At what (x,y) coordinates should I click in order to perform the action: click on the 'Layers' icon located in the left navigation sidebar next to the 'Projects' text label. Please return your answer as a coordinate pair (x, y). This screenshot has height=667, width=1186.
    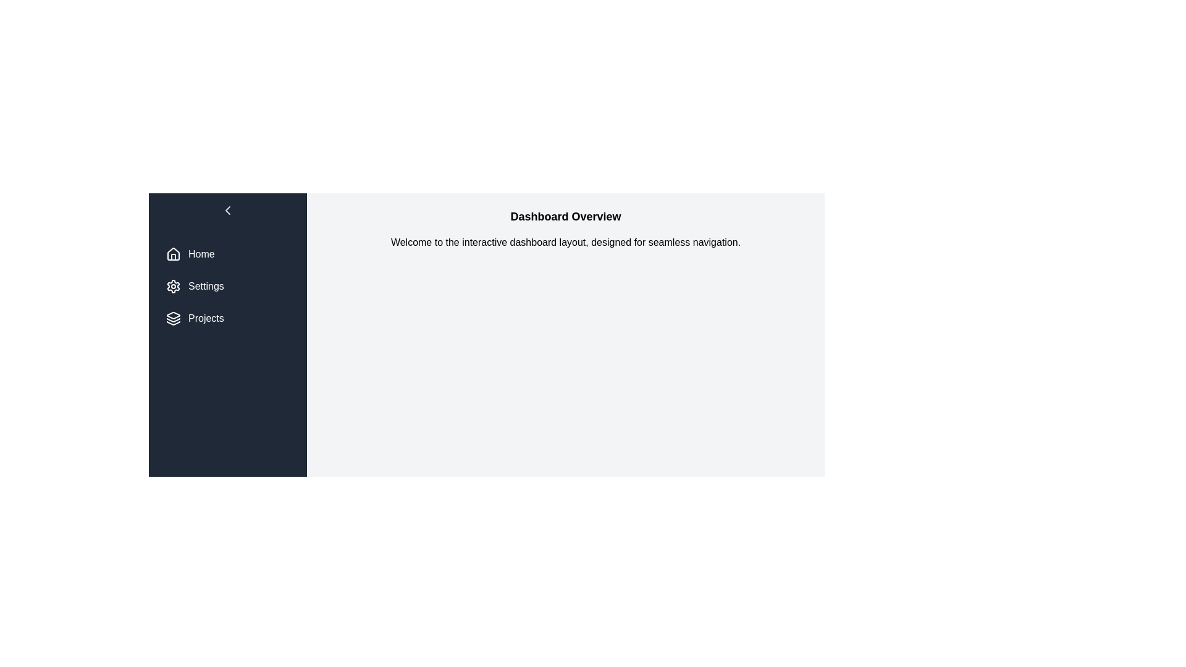
    Looking at the image, I should click on (173, 314).